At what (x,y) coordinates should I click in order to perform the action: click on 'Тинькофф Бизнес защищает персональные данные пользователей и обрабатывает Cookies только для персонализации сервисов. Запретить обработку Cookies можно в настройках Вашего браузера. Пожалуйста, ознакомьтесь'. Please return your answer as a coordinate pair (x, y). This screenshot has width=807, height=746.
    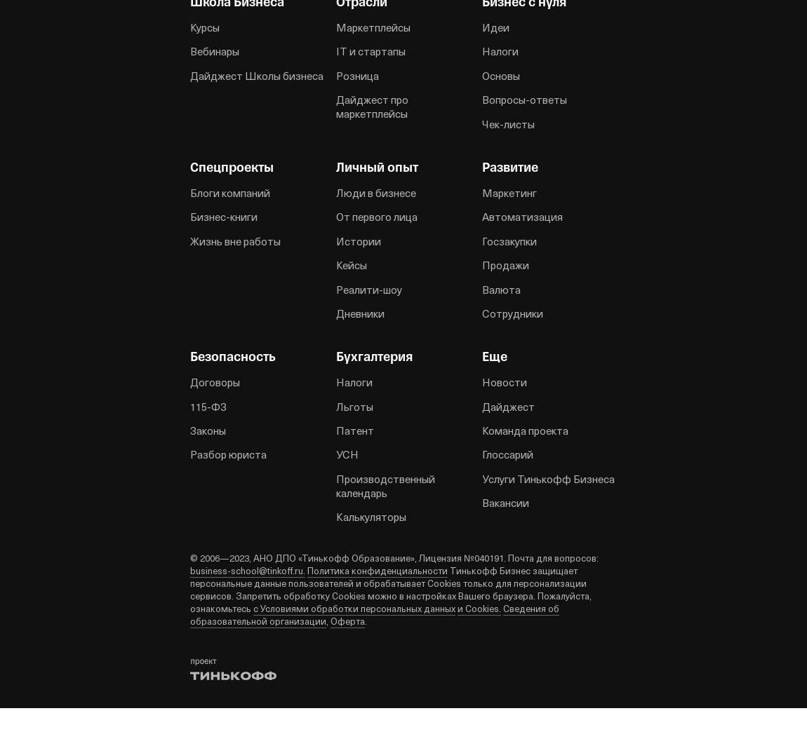
    Looking at the image, I should click on (390, 589).